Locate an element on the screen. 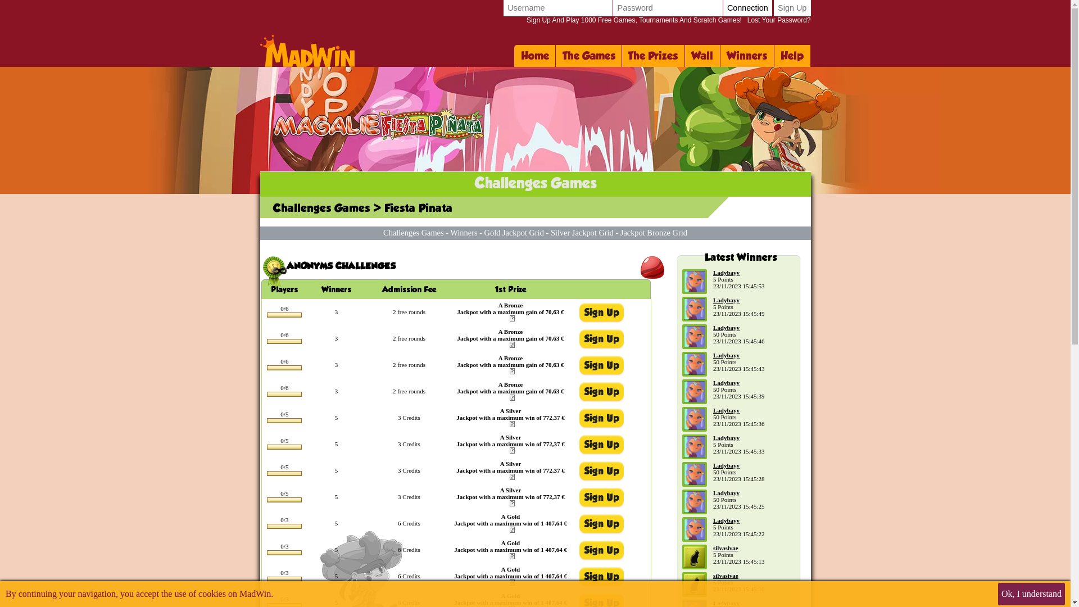  'Connection' is located at coordinates (747, 8).